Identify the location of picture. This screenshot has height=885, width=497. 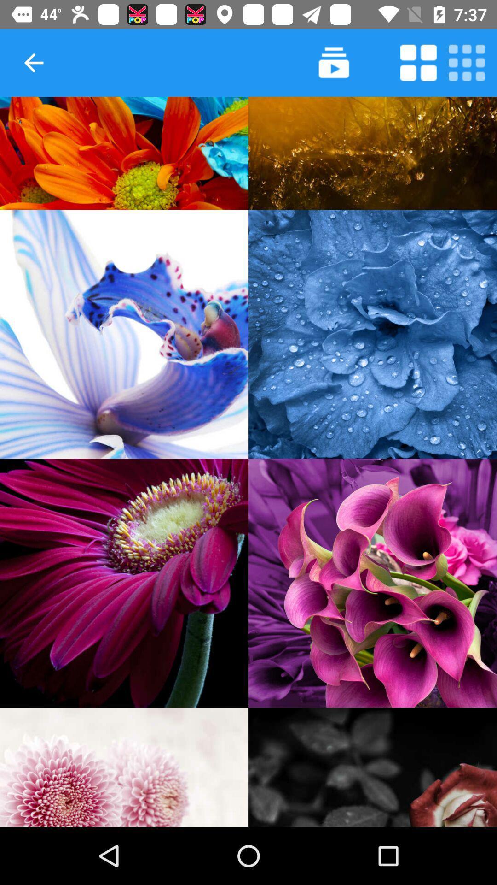
(373, 334).